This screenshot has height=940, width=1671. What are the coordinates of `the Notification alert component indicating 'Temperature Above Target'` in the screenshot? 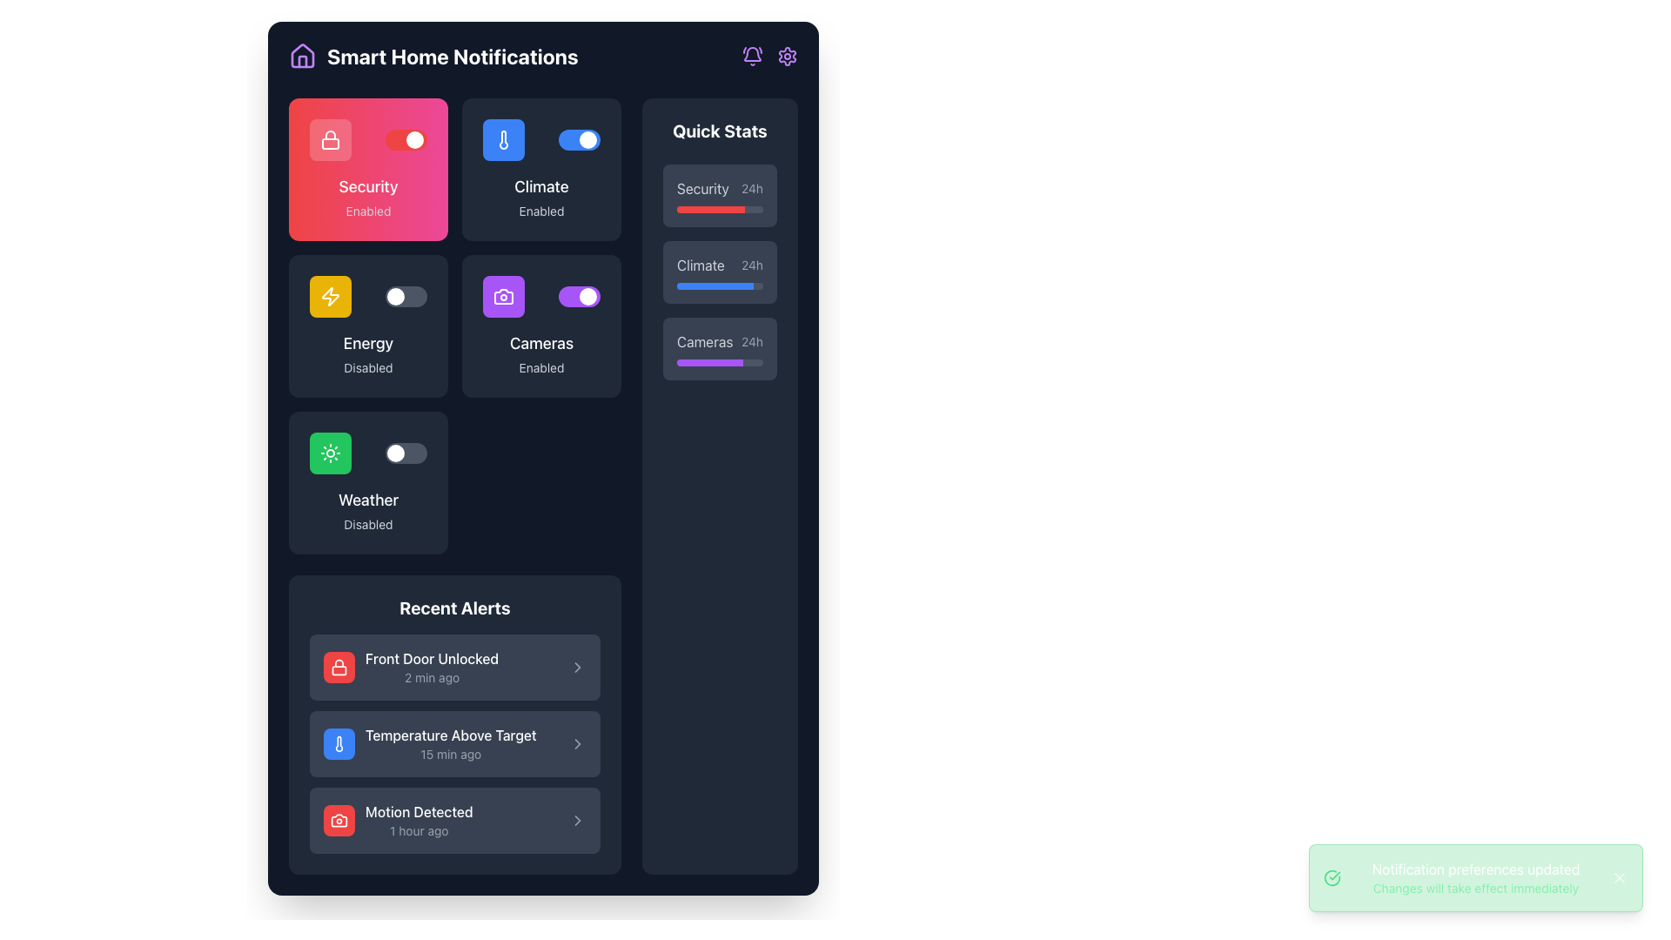 It's located at (430, 744).